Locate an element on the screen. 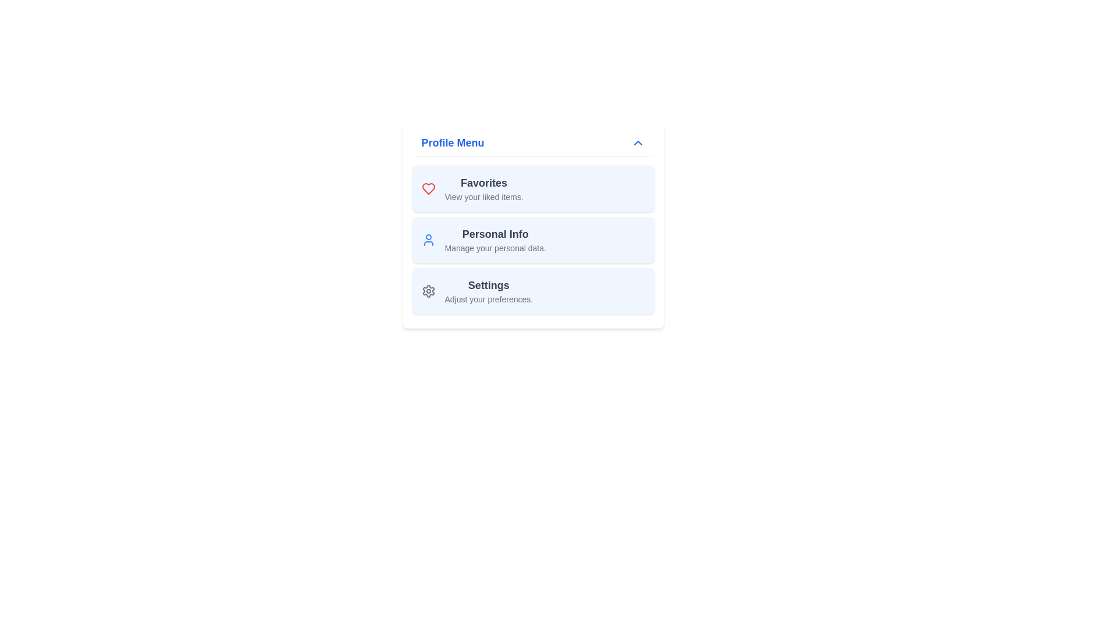  the second menu item in the vertical list below 'Favorites' and above 'Settings' is located at coordinates (532, 239).